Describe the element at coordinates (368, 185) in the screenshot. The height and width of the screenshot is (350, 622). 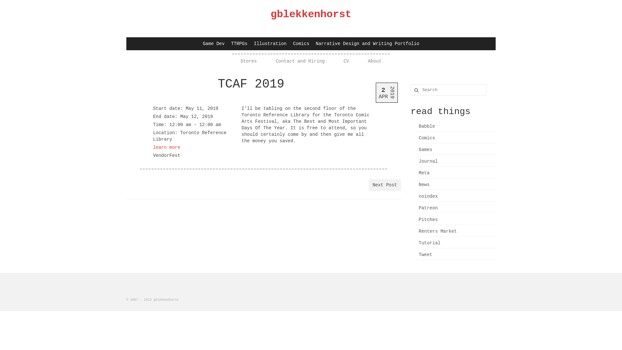
I see `'Next Post'` at that location.